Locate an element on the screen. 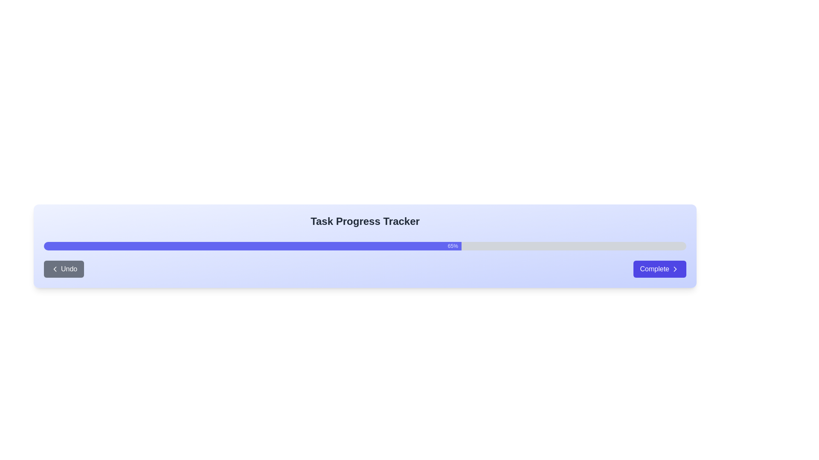 Image resolution: width=819 pixels, height=460 pixels. the progress bar with a visible percentage text '65%' on a light blue background, located beneath the 'Task Progress Tracker' title is located at coordinates (365, 246).